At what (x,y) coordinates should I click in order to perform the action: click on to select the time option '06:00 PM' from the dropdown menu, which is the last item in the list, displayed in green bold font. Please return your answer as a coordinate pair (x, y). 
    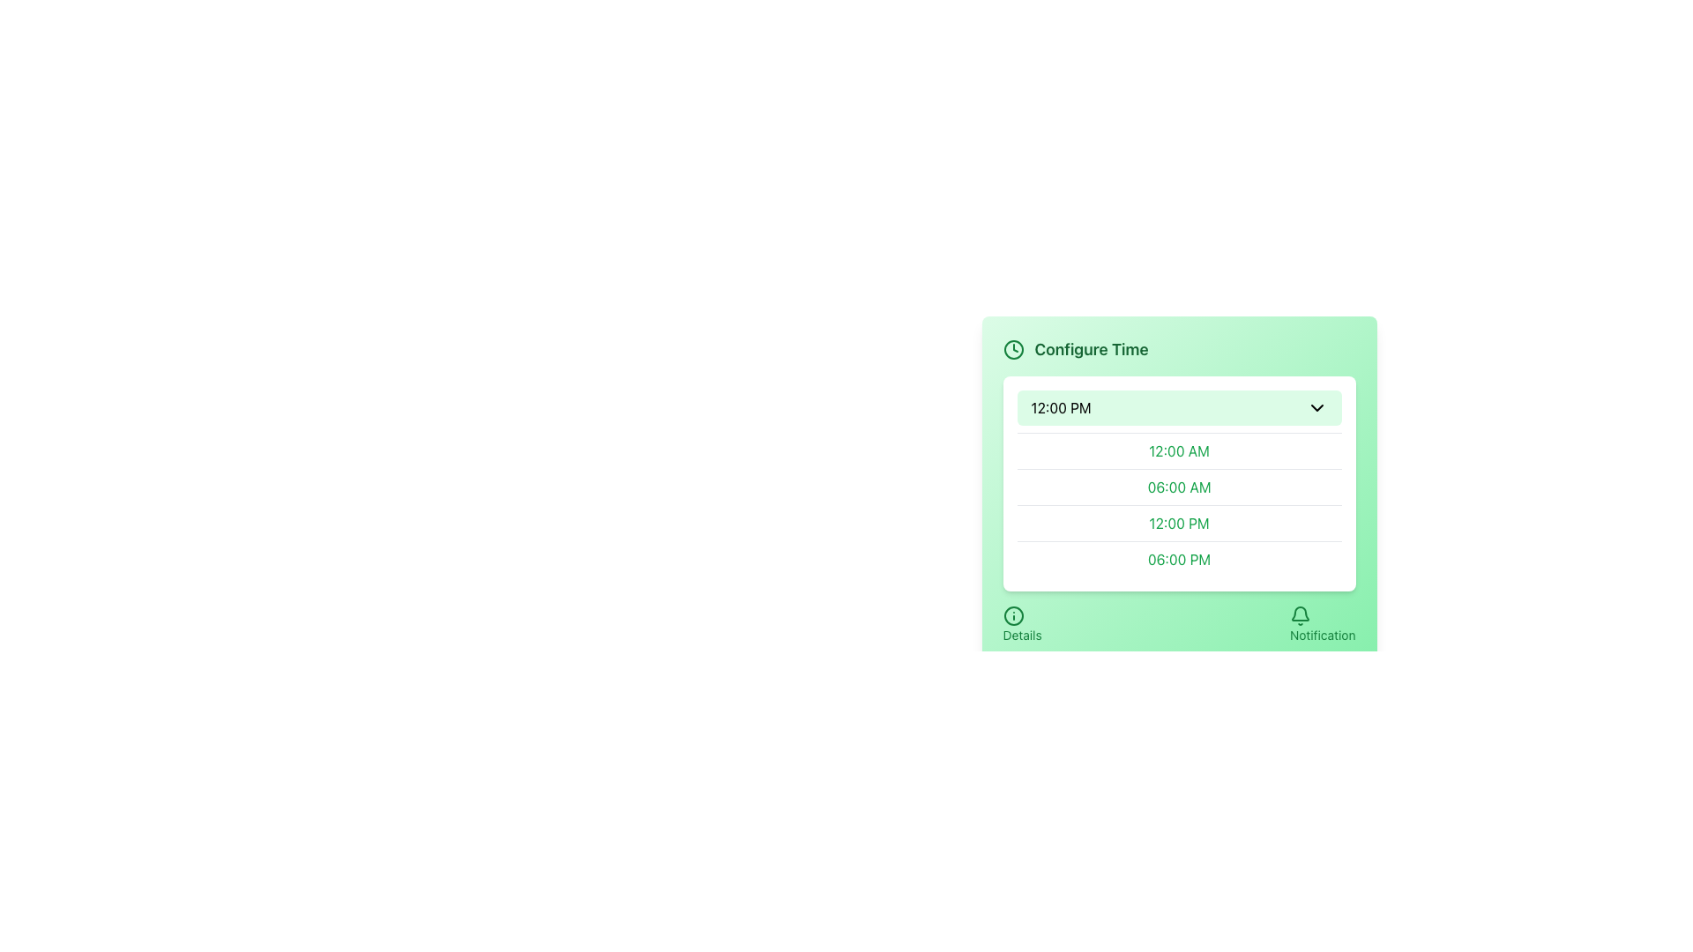
    Looking at the image, I should click on (1179, 559).